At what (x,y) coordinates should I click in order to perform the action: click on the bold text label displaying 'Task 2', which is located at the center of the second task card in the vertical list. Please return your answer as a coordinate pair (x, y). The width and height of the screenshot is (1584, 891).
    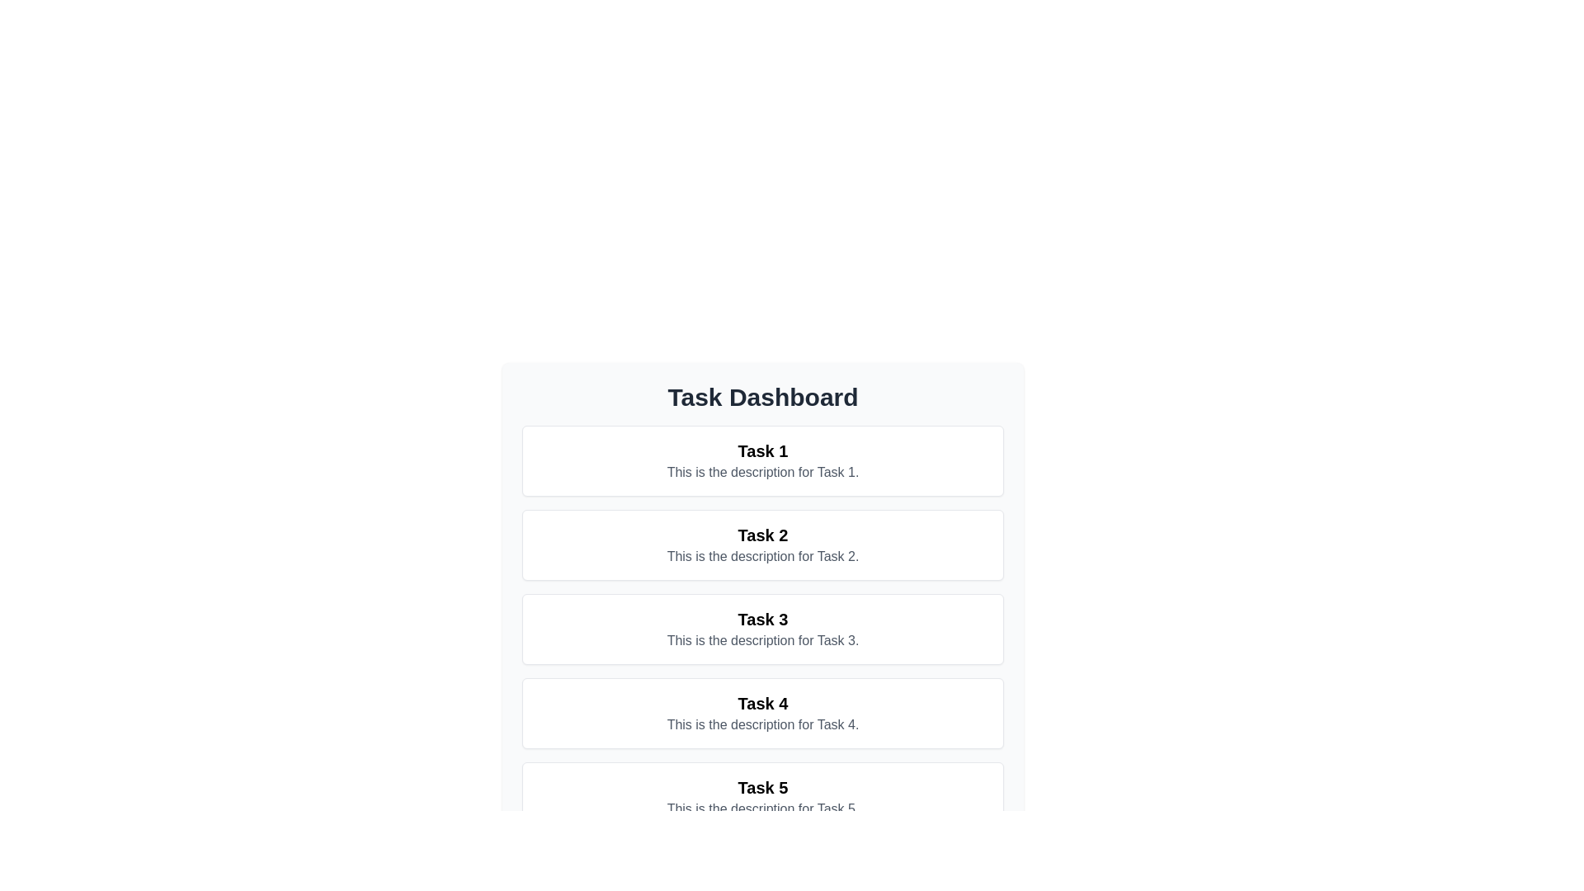
    Looking at the image, I should click on (762, 535).